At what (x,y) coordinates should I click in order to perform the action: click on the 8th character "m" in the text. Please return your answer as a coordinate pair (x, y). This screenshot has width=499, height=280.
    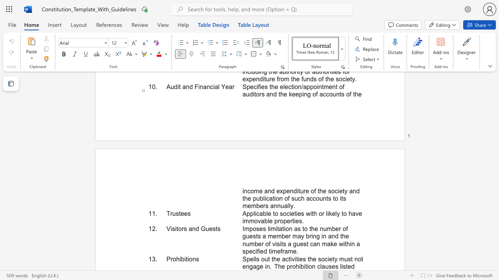
    Looking at the image, I should click on (324, 243).